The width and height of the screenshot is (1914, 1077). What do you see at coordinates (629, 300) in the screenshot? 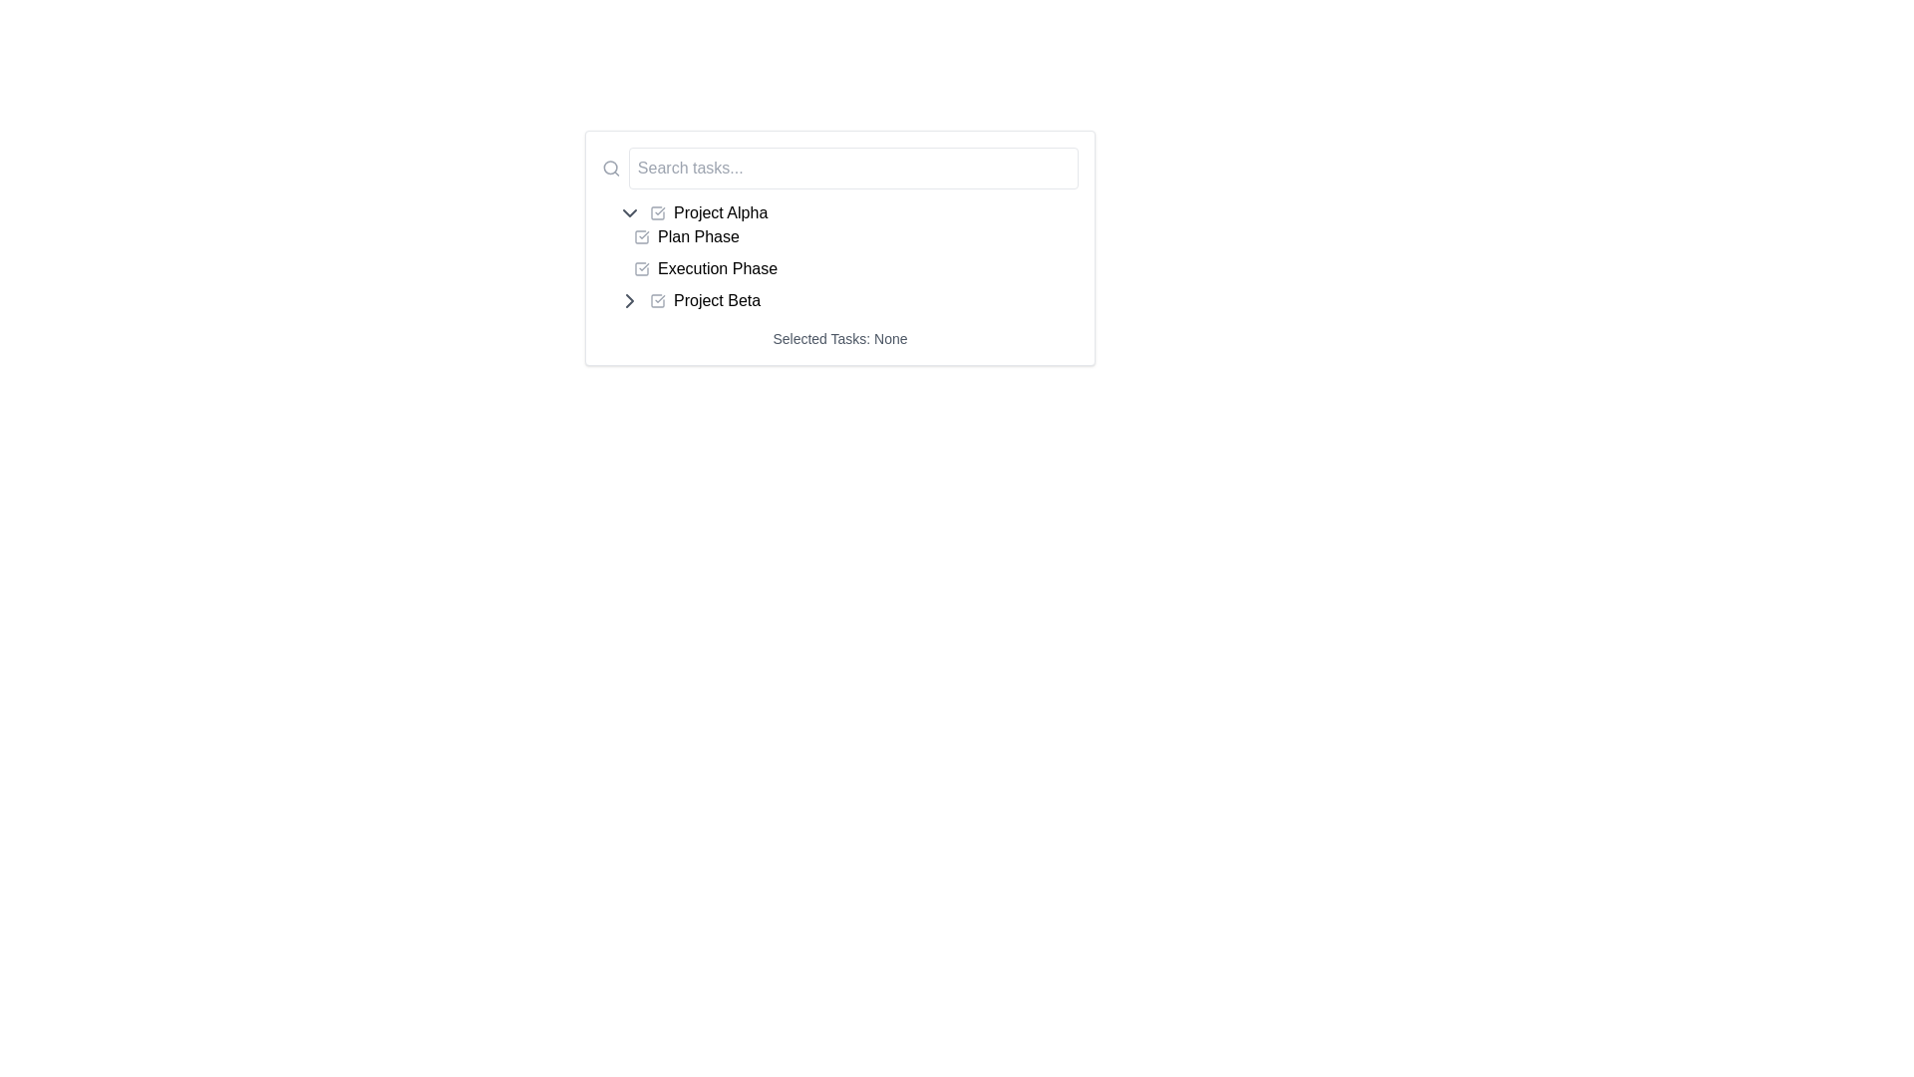
I see `the rightward gray chevron icon next to 'Project Beta' to observe the color change` at bounding box center [629, 300].